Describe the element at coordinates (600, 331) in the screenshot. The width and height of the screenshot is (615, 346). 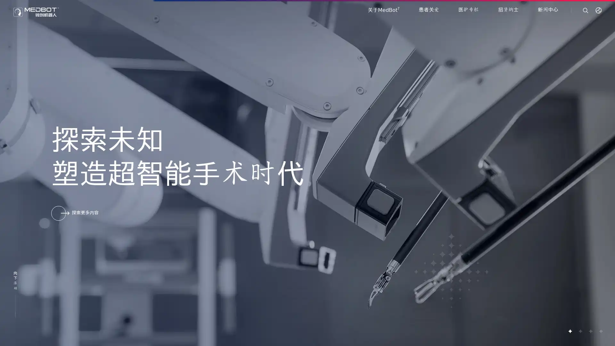
I see `Go to slide 4` at that location.